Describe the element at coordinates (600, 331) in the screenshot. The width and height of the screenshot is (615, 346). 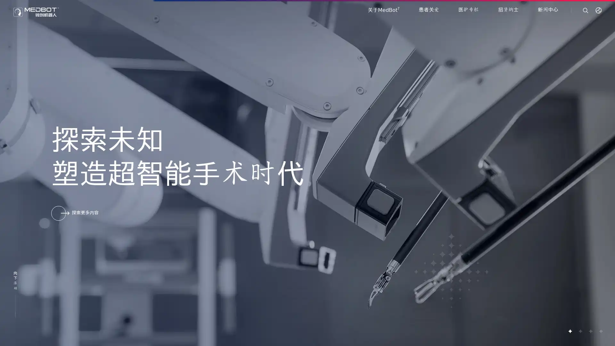
I see `Go to slide 4` at that location.